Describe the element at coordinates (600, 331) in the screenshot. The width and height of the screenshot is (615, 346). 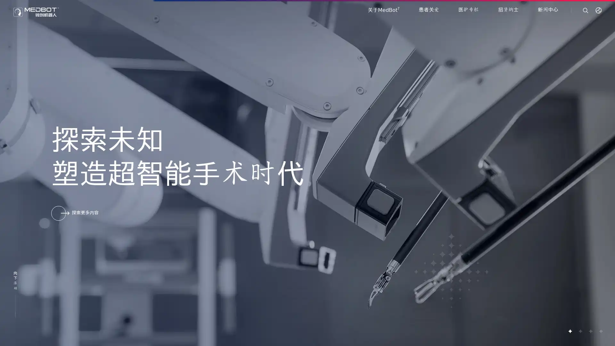
I see `Go to slide 4` at that location.